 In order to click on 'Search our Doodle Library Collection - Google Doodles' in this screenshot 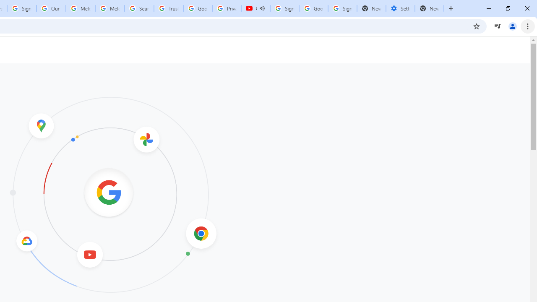, I will do `click(139, 8)`.